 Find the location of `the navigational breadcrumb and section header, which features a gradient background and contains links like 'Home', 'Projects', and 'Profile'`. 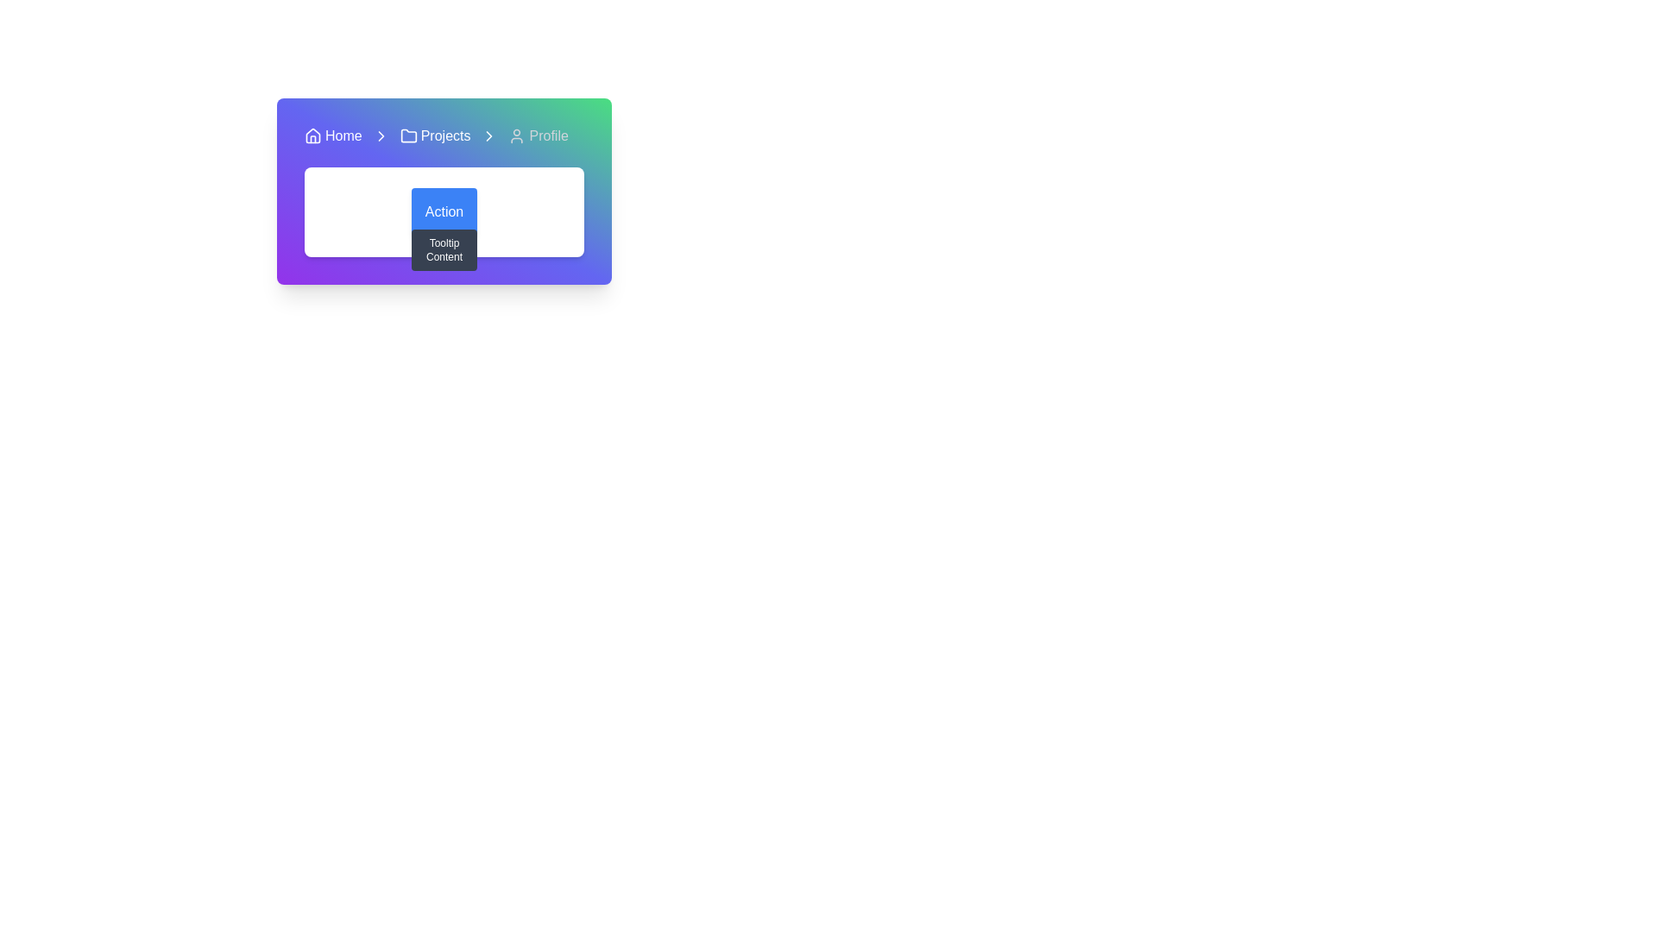

the navigational breadcrumb and section header, which features a gradient background and contains links like 'Home', 'Projects', and 'Profile' is located at coordinates (444, 192).